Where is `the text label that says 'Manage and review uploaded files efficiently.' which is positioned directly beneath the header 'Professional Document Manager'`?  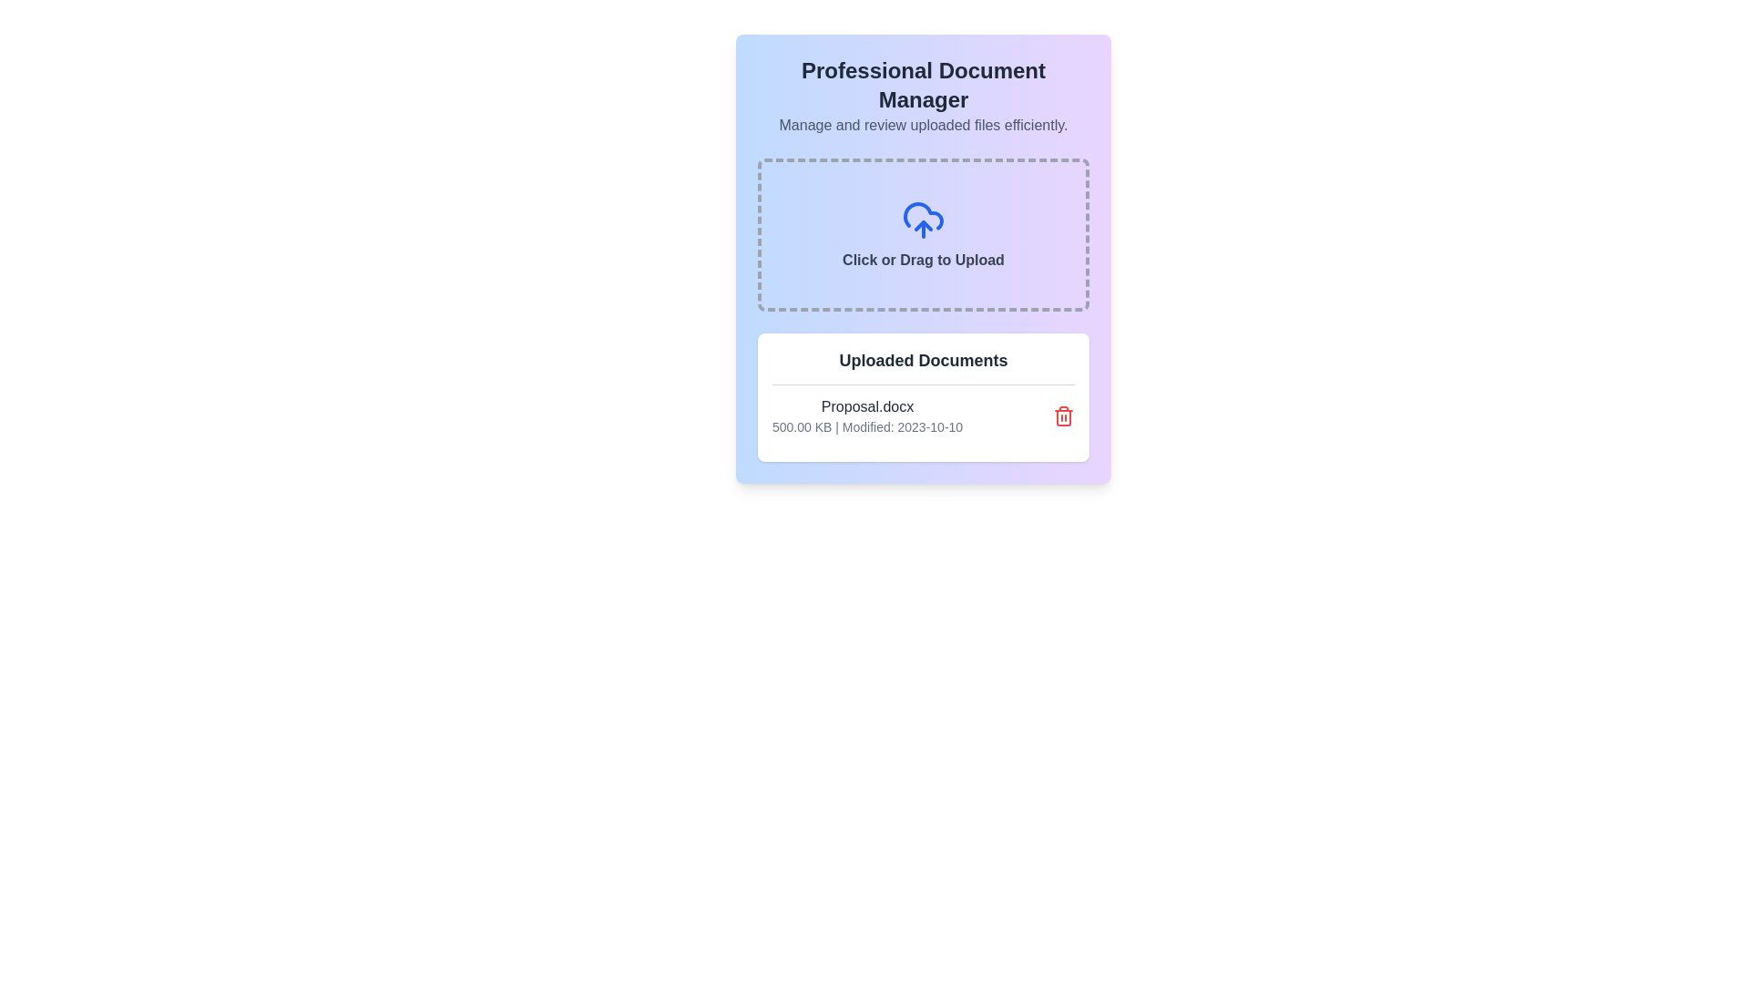
the text label that says 'Manage and review uploaded files efficiently.' which is positioned directly beneath the header 'Professional Document Manager' is located at coordinates (923, 125).